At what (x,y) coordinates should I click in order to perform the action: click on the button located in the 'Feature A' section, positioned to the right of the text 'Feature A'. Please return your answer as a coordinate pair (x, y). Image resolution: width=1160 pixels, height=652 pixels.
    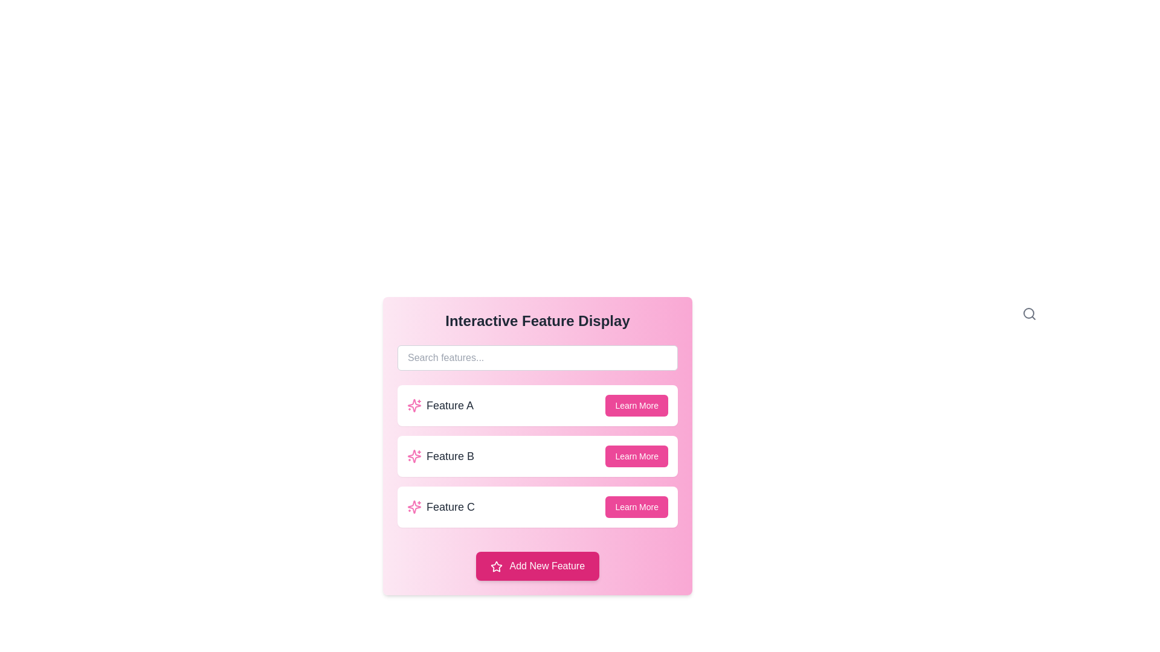
    Looking at the image, I should click on (636, 405).